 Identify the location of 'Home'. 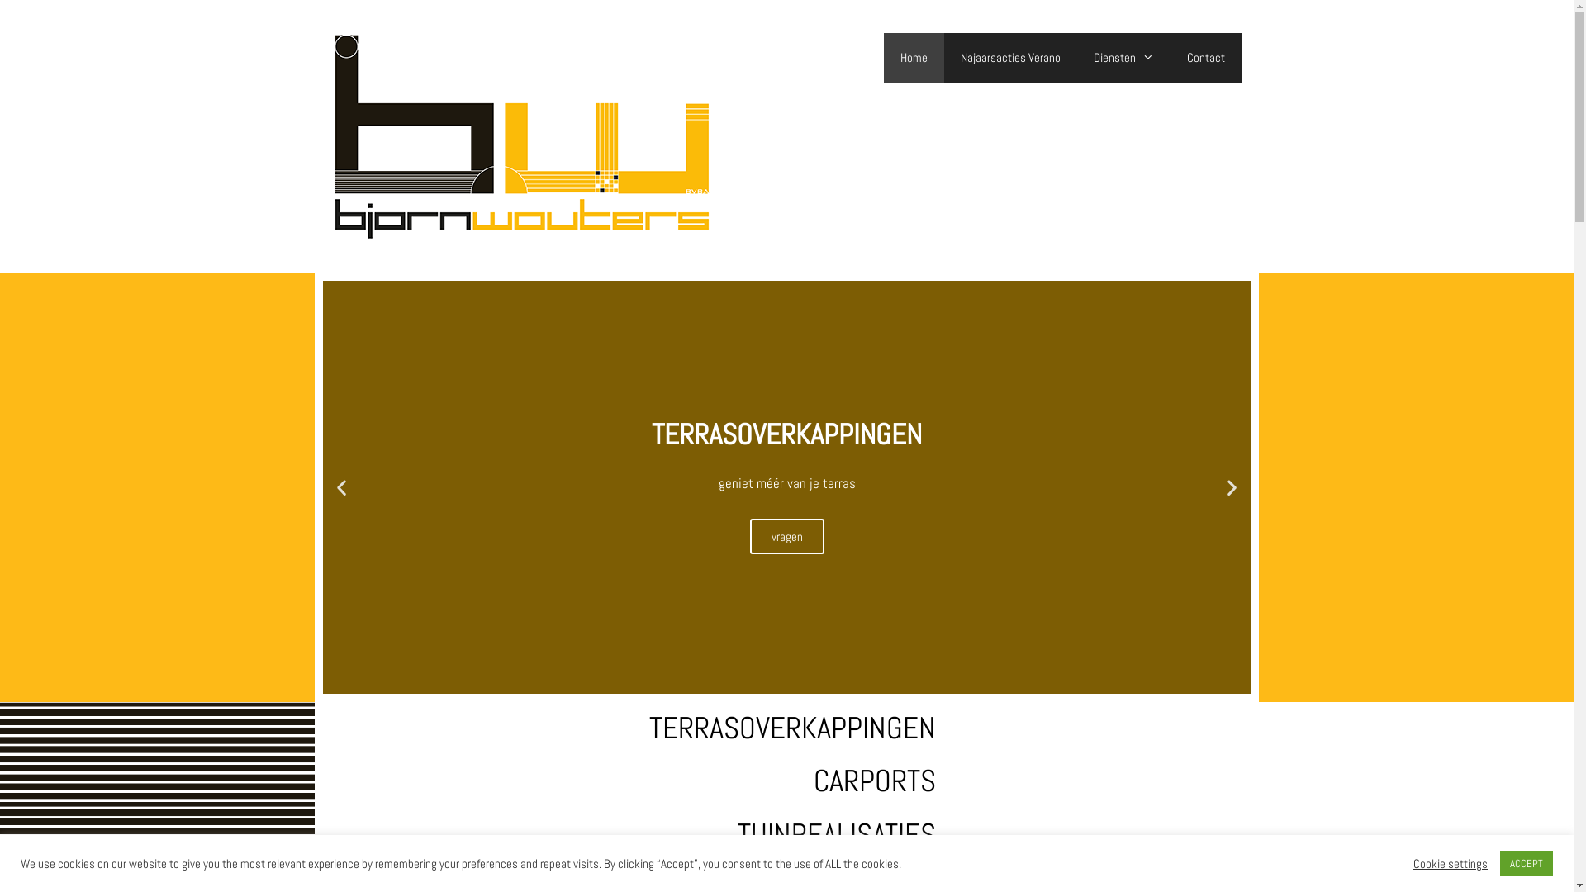
(913, 56).